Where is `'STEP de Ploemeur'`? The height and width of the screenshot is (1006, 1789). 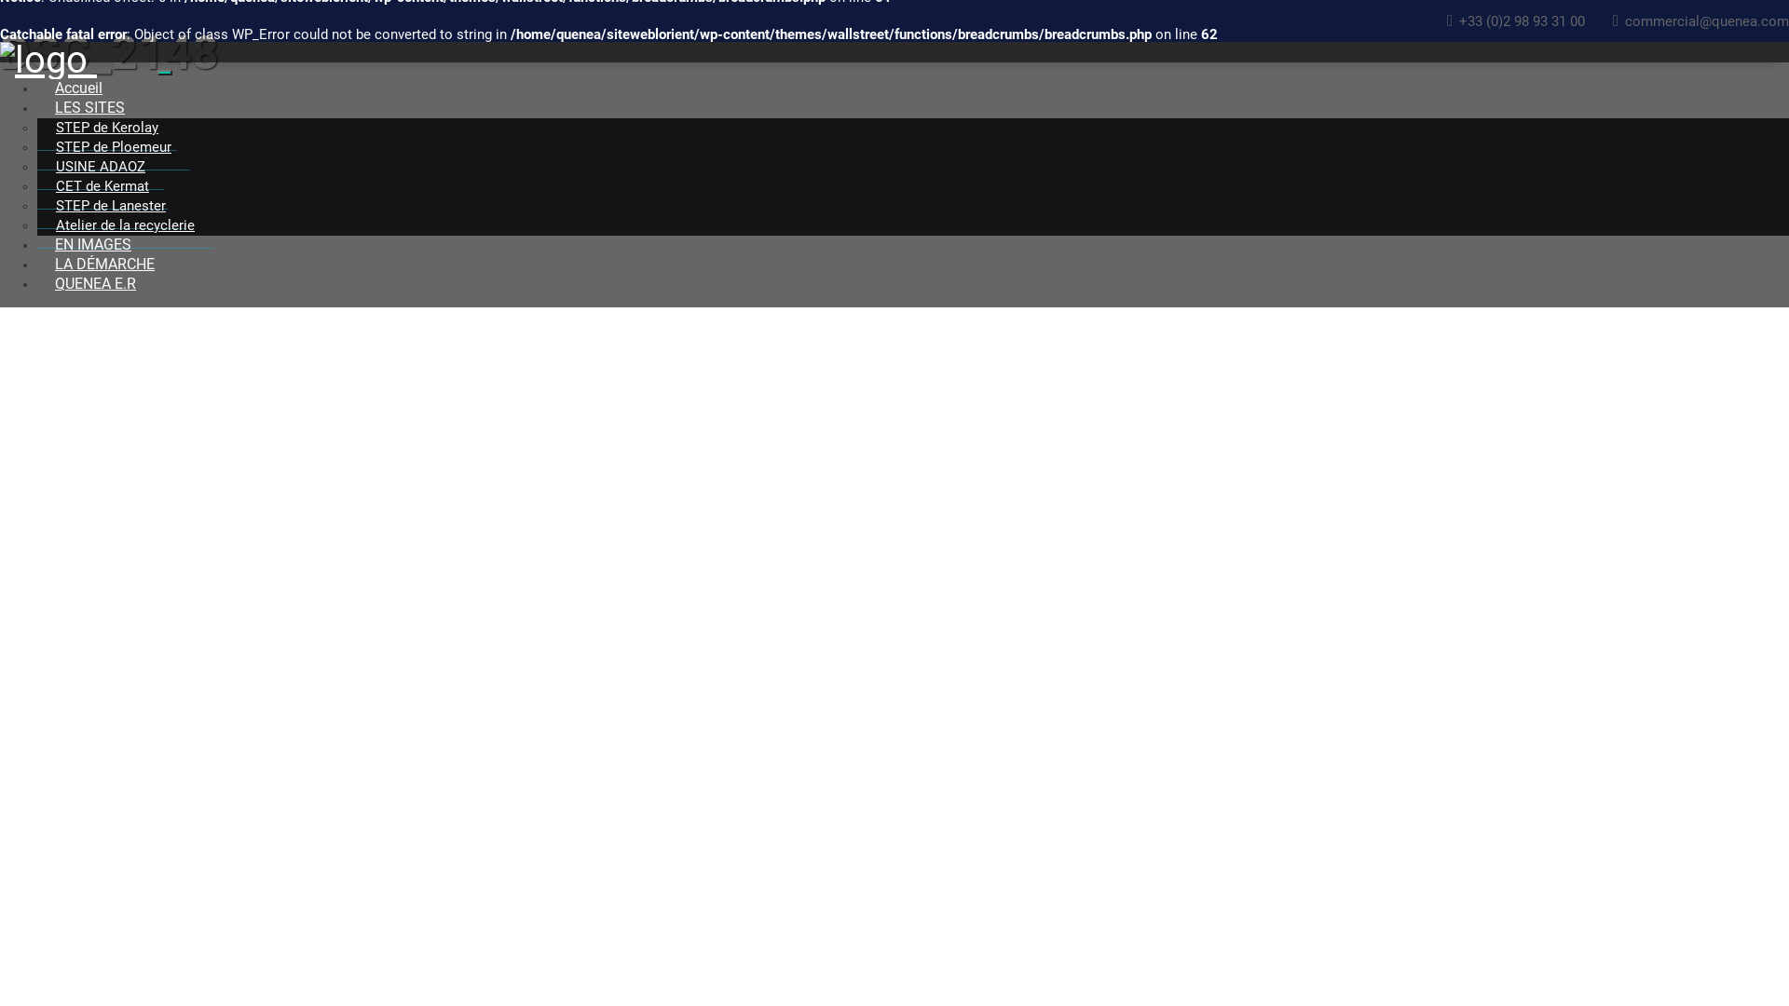 'STEP de Ploemeur' is located at coordinates (112, 146).